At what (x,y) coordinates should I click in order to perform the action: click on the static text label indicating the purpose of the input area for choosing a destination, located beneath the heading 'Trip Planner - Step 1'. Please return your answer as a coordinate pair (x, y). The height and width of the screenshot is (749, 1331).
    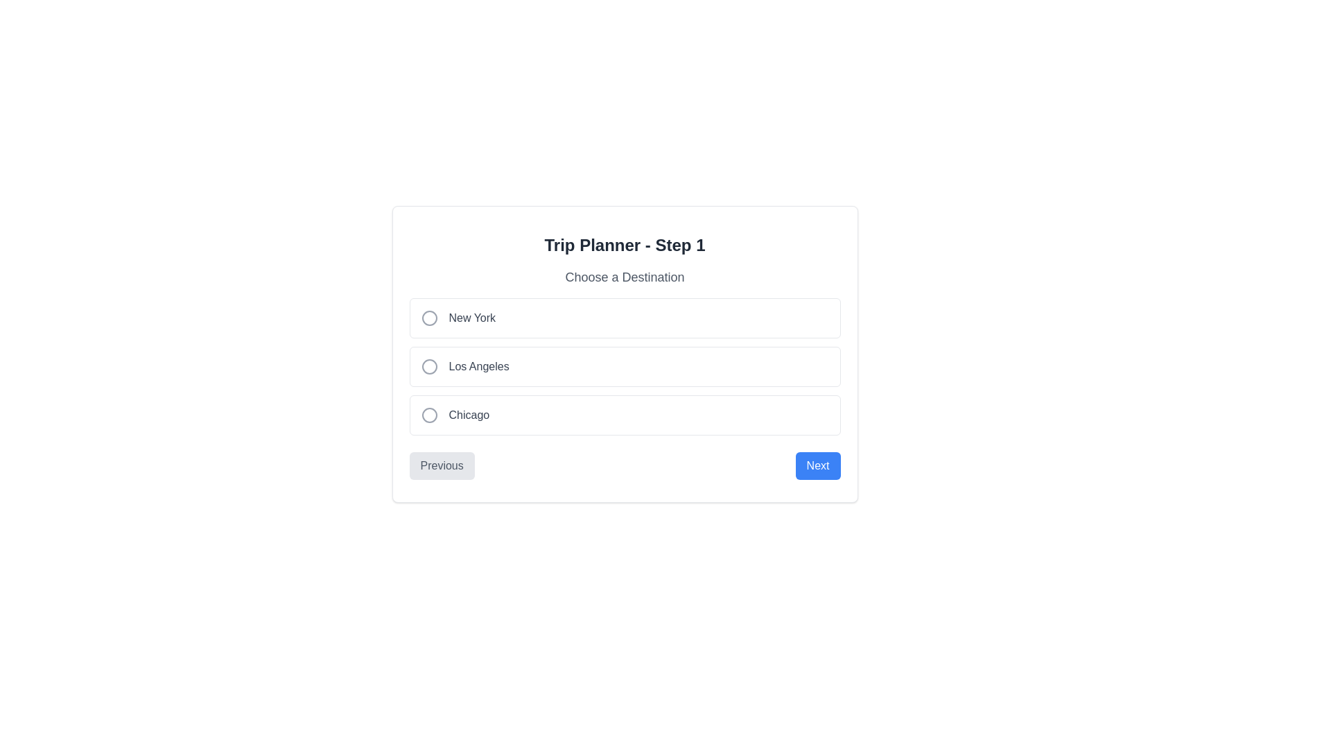
    Looking at the image, I should click on (624, 277).